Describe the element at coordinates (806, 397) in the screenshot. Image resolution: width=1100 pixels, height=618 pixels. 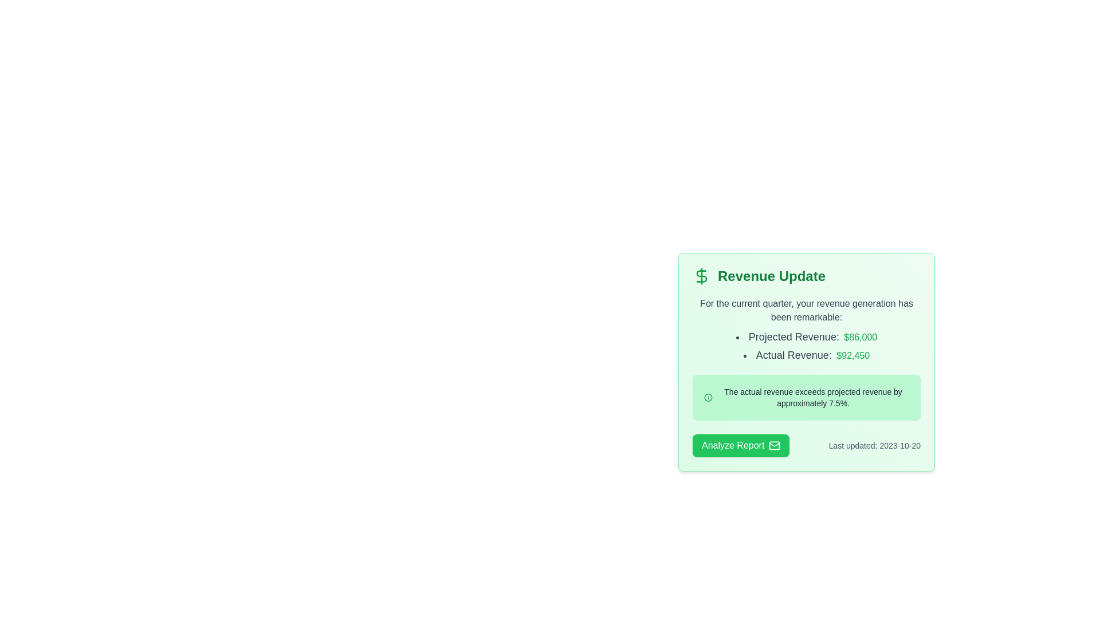
I see `the informational display text located in the highlighted green section of the 'Revenue Update' card, positioned below the actual and projected revenue values and above the 'Analyze Report' button` at that location.